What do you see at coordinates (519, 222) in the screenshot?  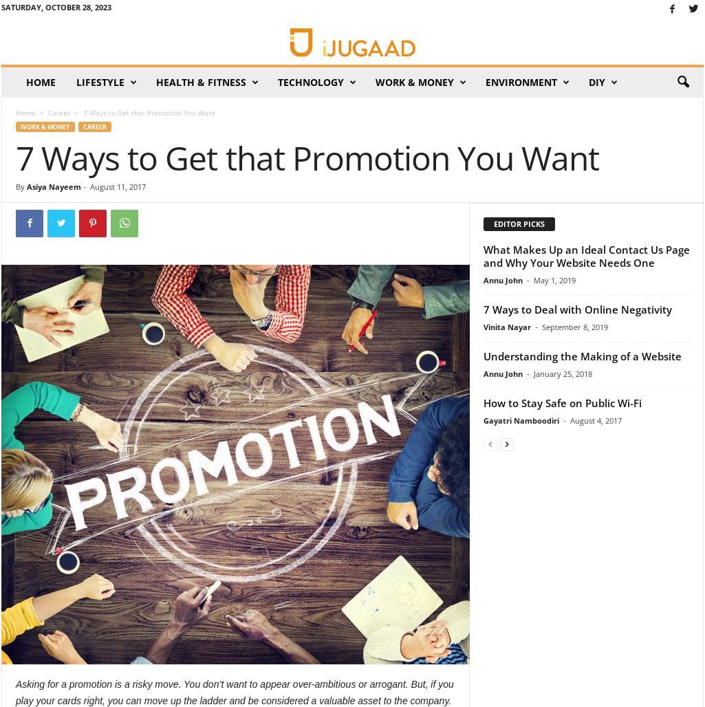 I see `'EDITOR PICKS'` at bounding box center [519, 222].